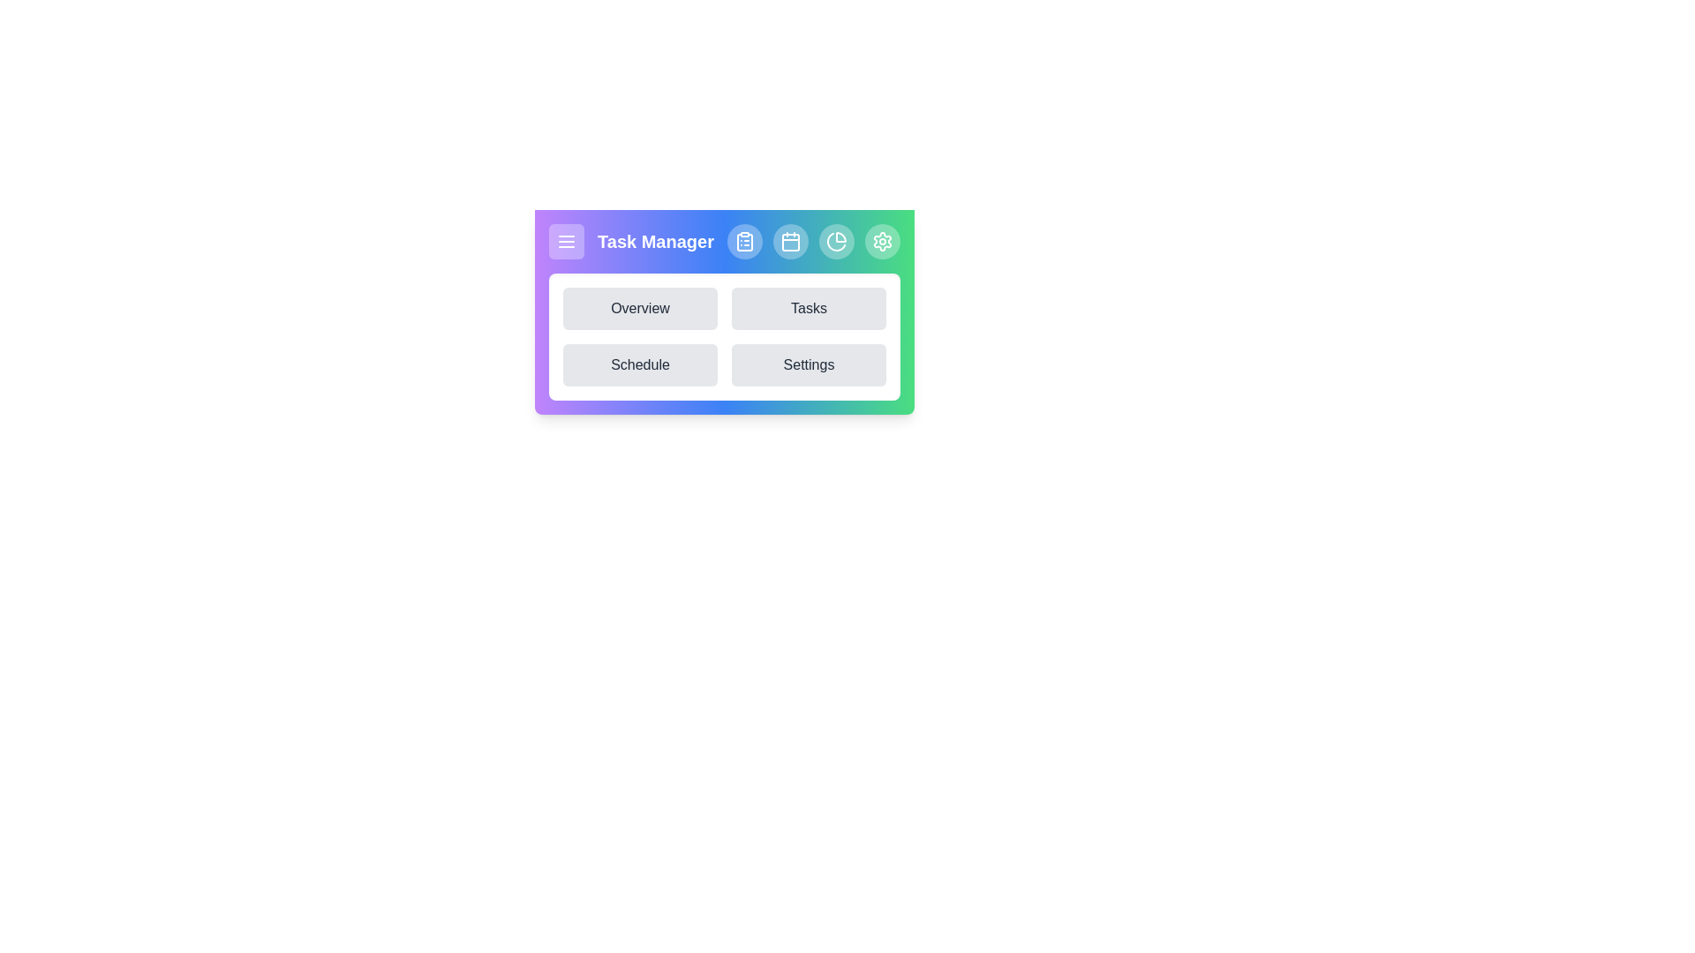 The width and height of the screenshot is (1695, 953). Describe the element at coordinates (808, 364) in the screenshot. I see `the button labeled Settings to observe visual feedback` at that location.